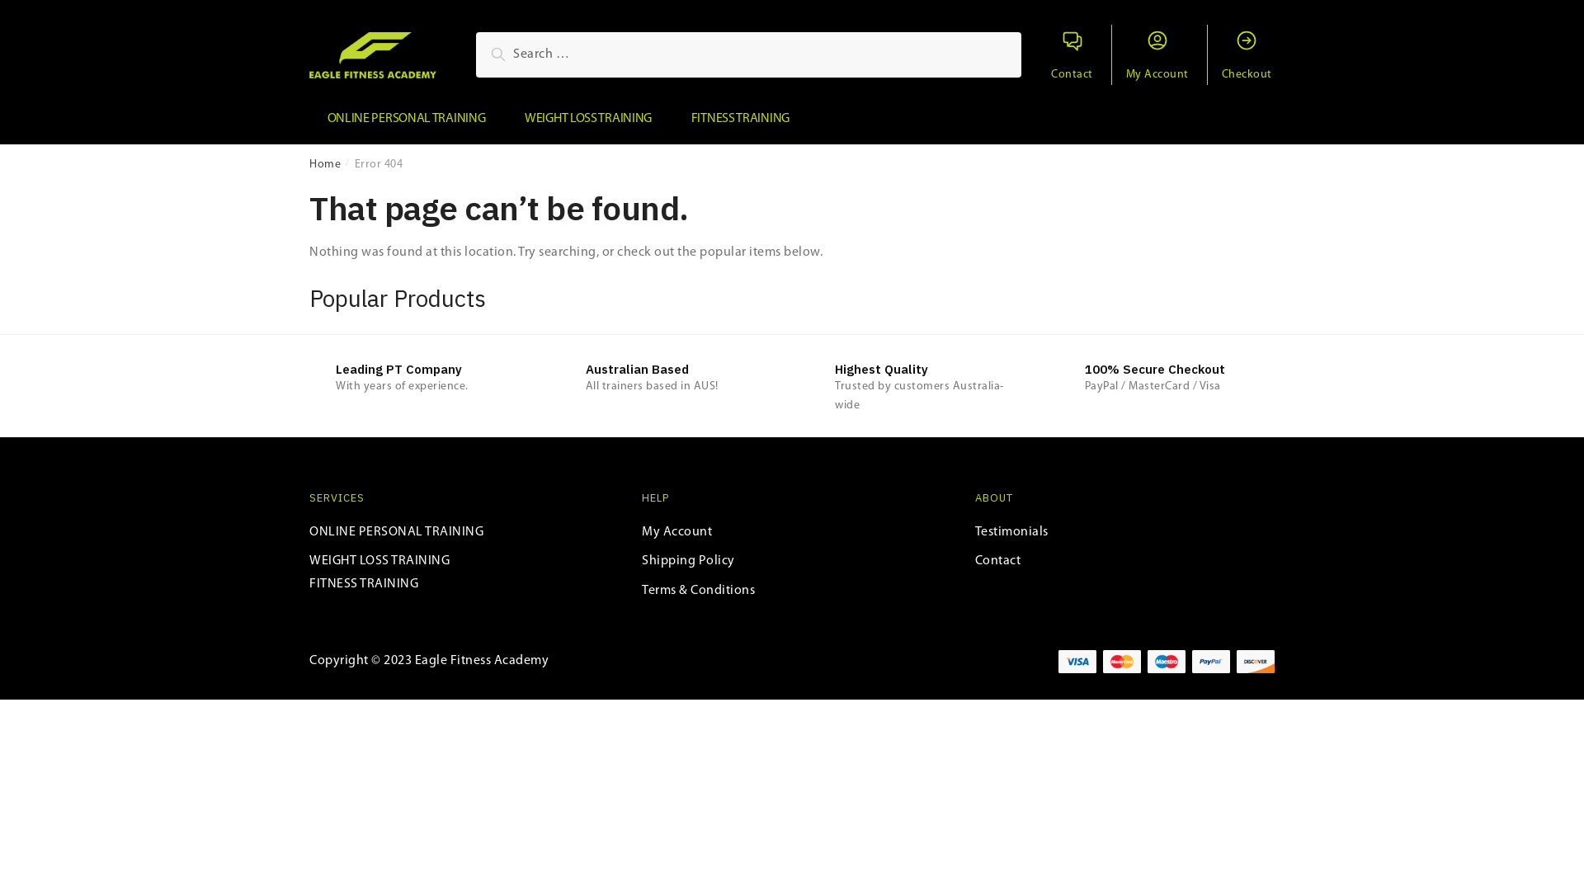  Describe the element at coordinates (698, 590) in the screenshot. I see `'Terms & Conditions'` at that location.